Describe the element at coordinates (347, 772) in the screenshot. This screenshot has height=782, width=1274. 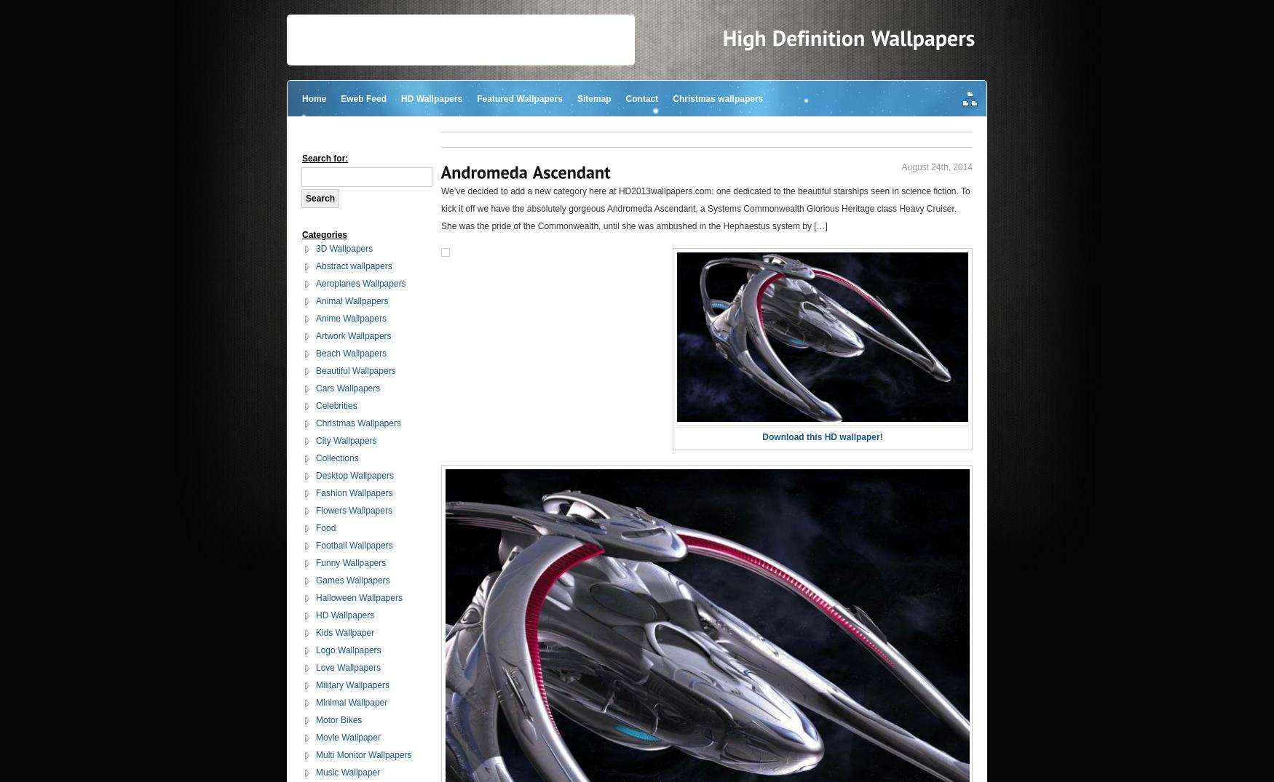
I see `'Music Wallpaper'` at that location.